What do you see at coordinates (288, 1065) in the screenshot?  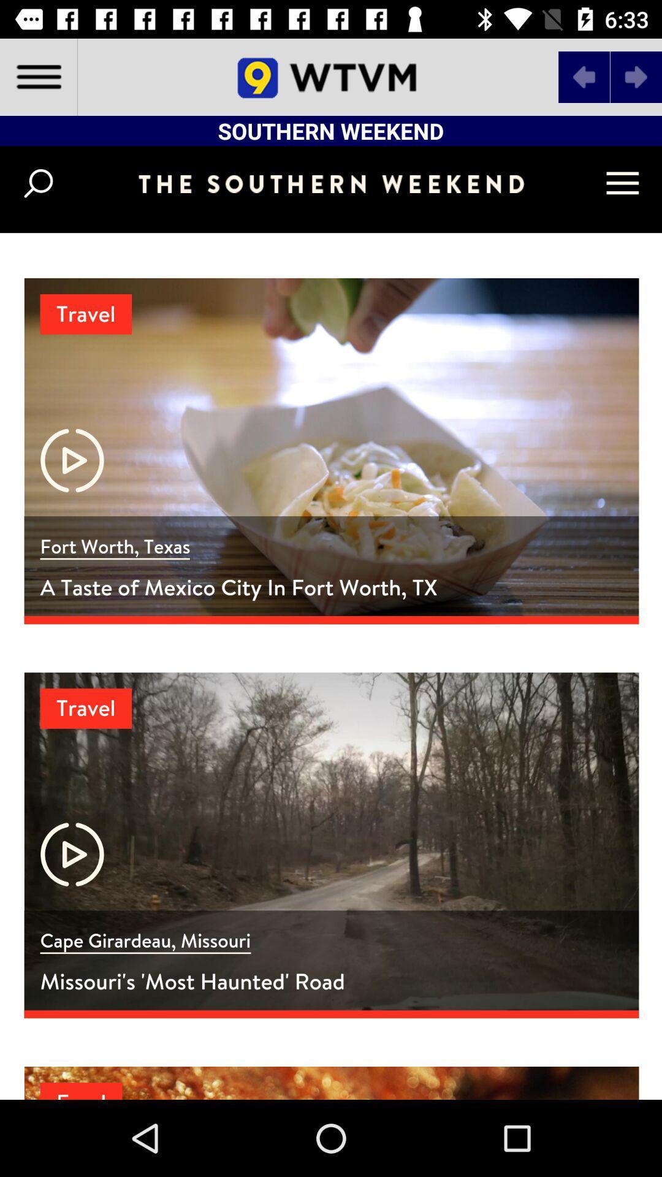 I see `the more icon` at bounding box center [288, 1065].